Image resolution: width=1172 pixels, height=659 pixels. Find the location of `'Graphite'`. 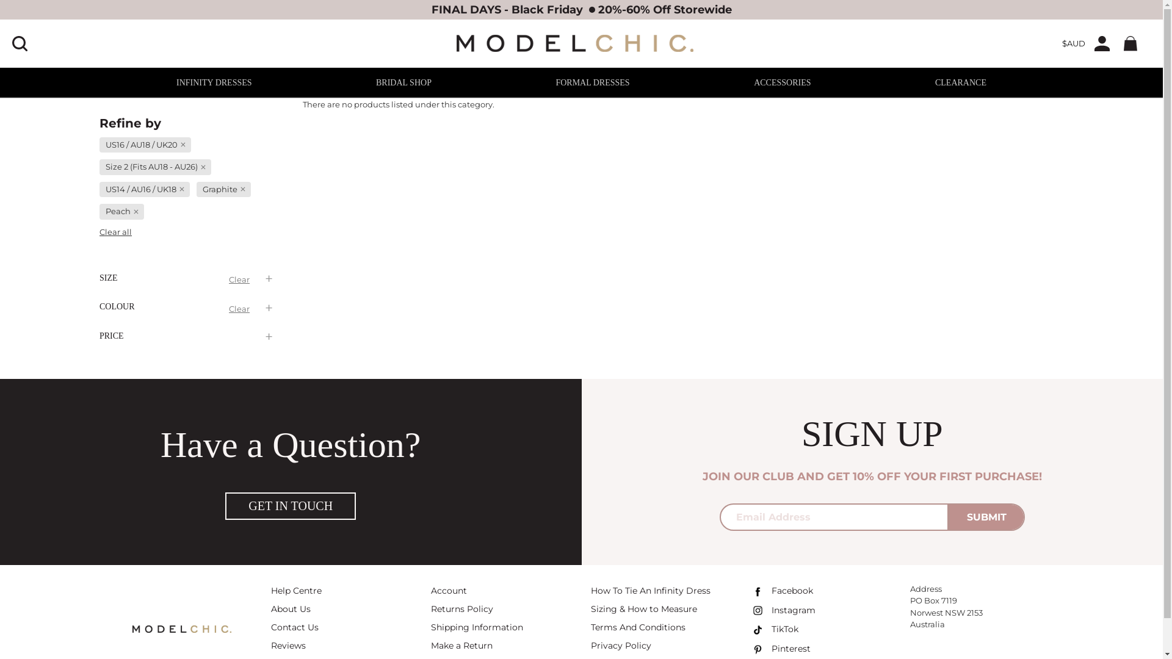

'Graphite' is located at coordinates (223, 190).